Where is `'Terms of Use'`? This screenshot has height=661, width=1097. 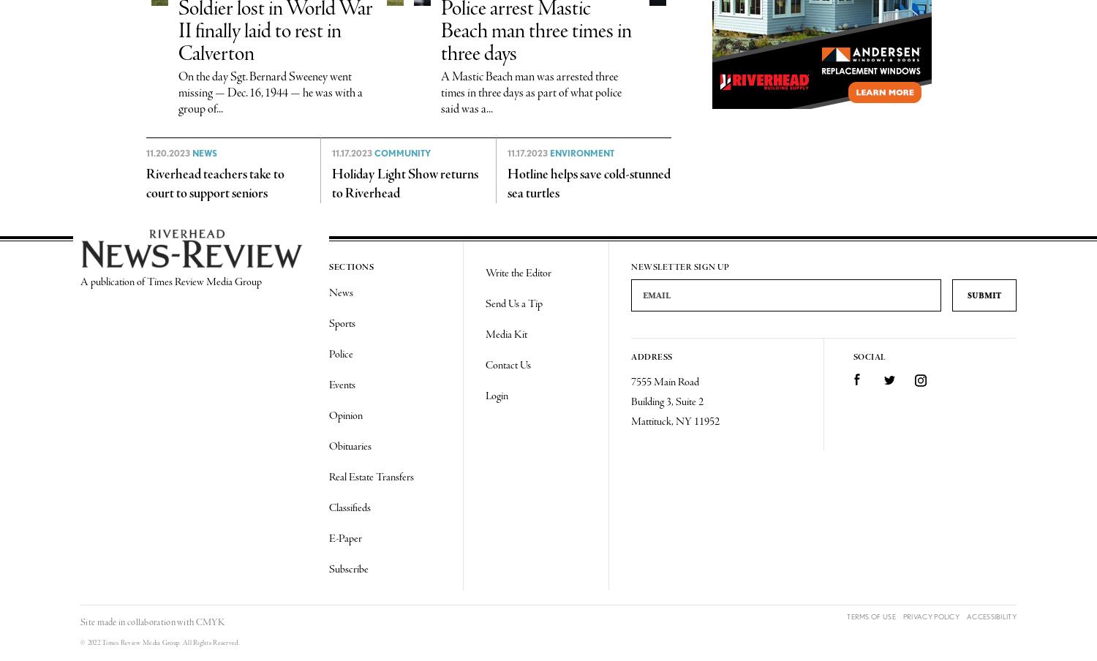
'Terms of Use' is located at coordinates (870, 615).